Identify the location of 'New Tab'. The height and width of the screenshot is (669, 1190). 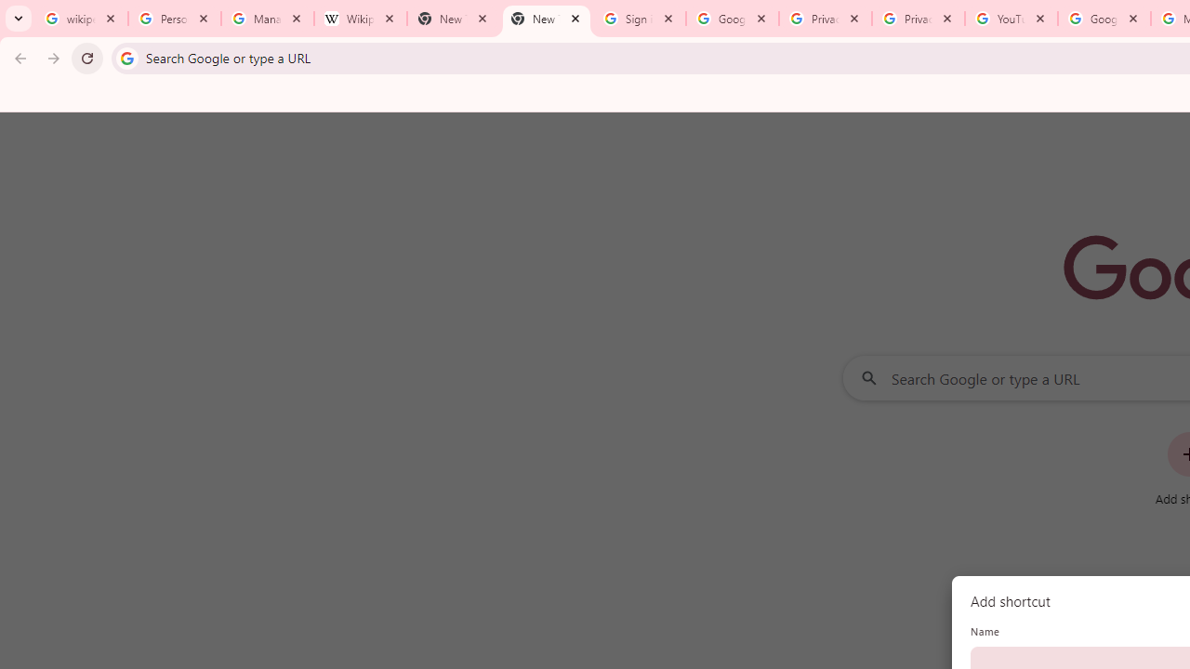
(545, 19).